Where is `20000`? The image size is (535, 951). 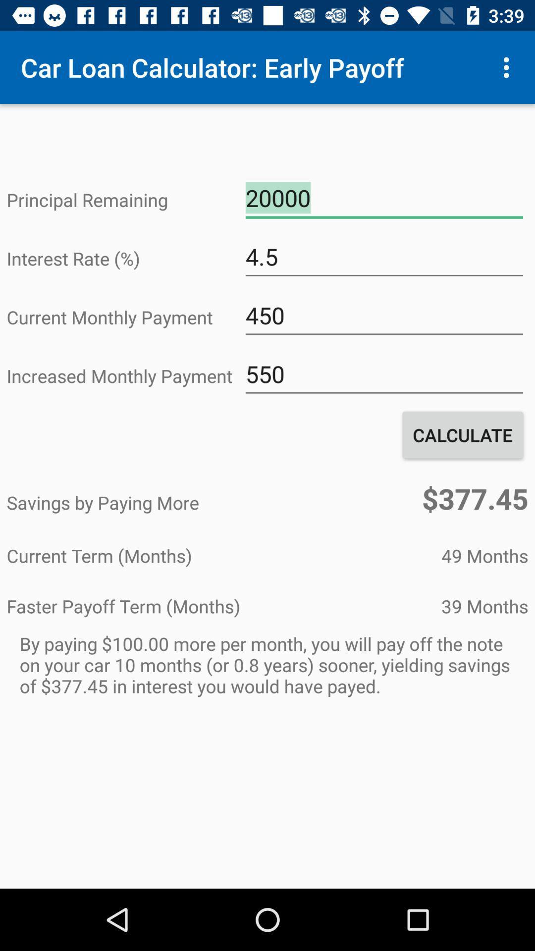
20000 is located at coordinates (383, 198).